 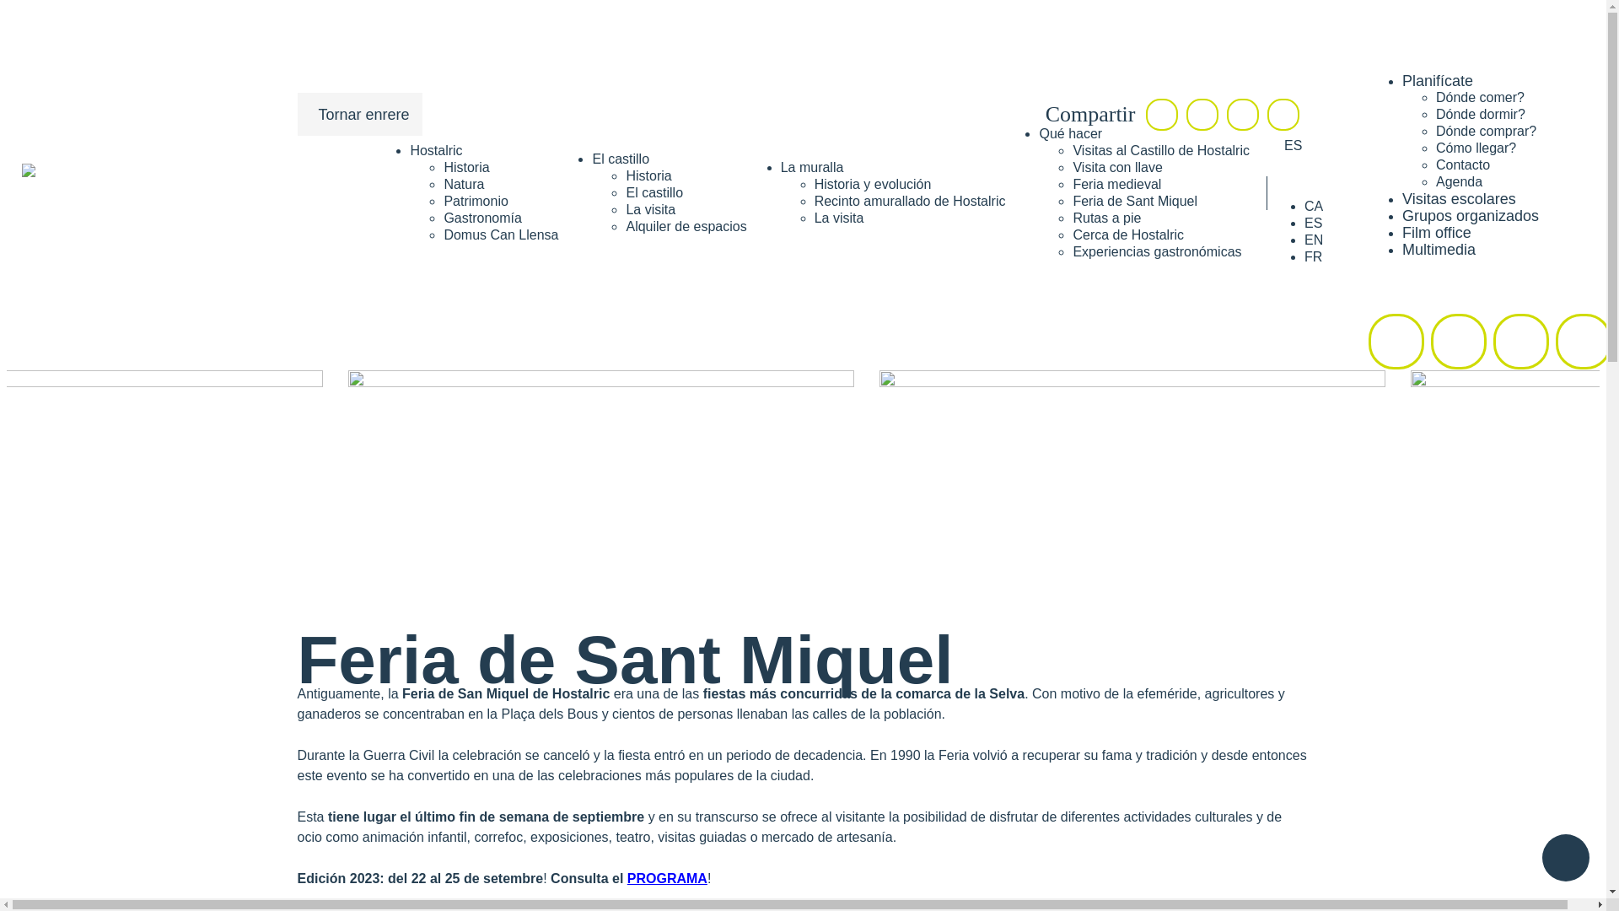 I want to click on 'Grupos organizados', so click(x=1401, y=214).